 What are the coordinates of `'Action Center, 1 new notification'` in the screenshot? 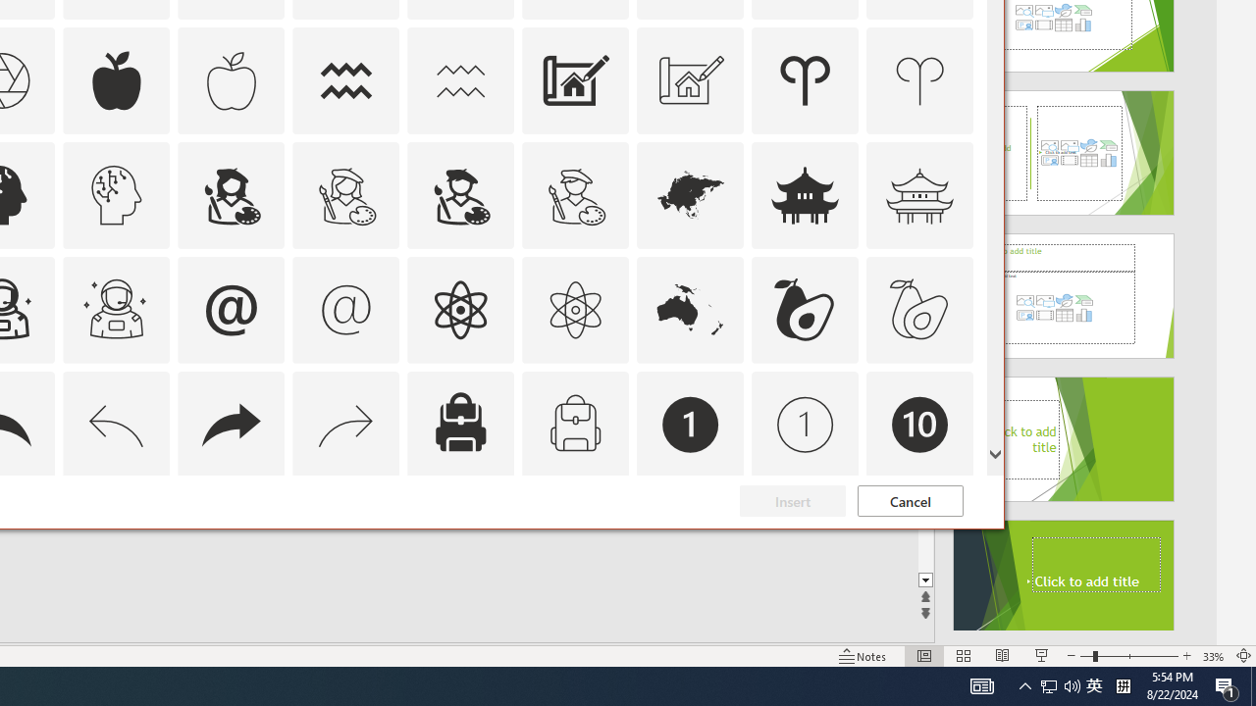 It's located at (1227, 684).